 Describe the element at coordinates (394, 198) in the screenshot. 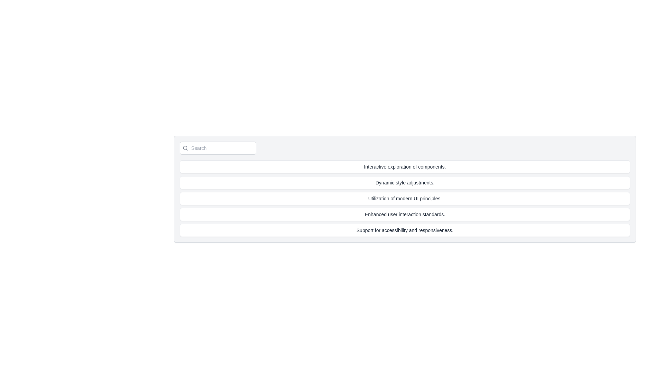

I see `the letter 'f' in the word 'of' within the phrase 'Utilization of modern UI principles', which is the last character in the list item` at that location.